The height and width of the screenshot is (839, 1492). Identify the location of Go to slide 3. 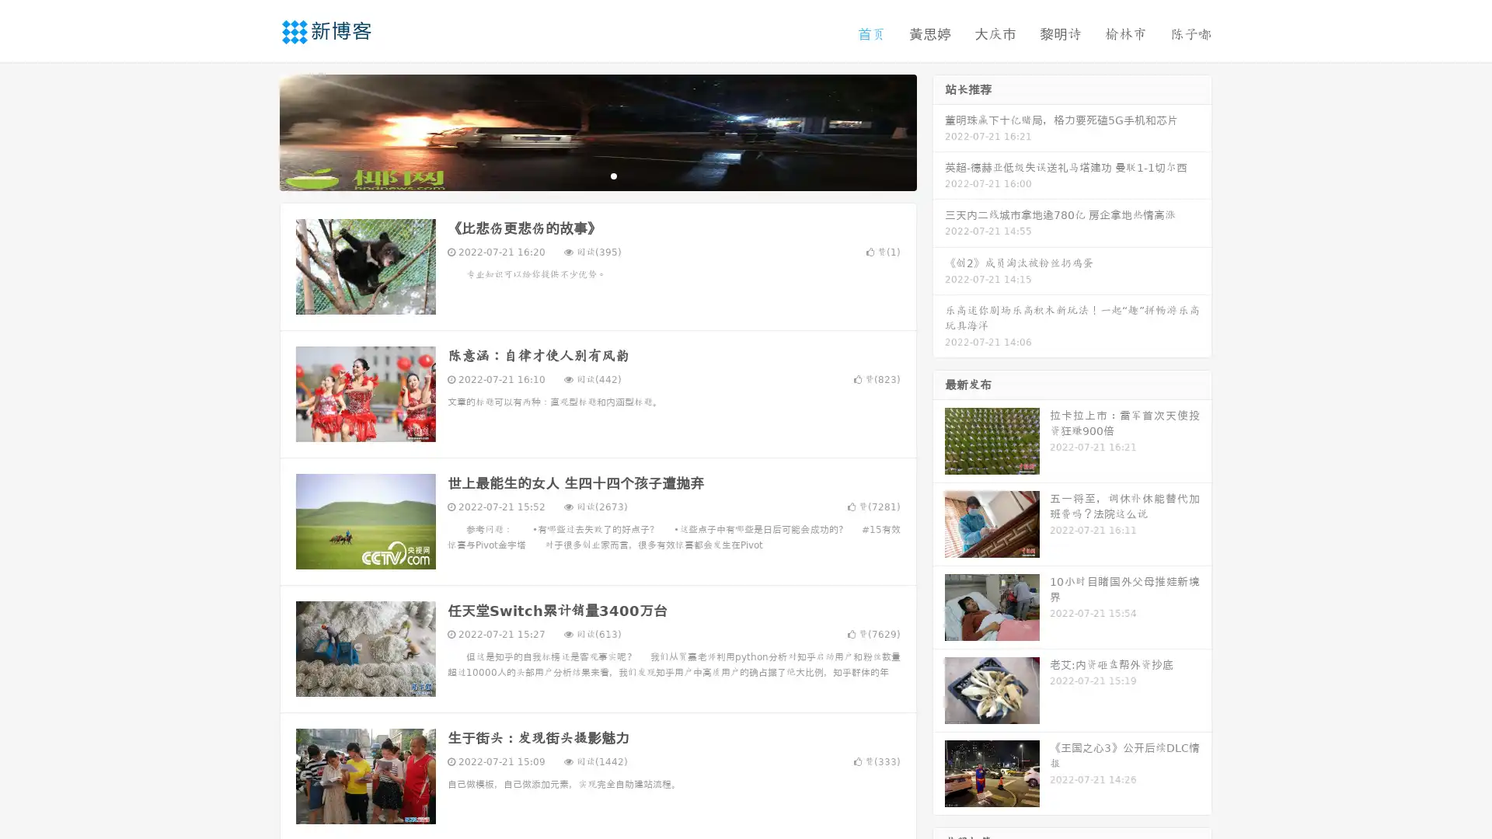
(613, 175).